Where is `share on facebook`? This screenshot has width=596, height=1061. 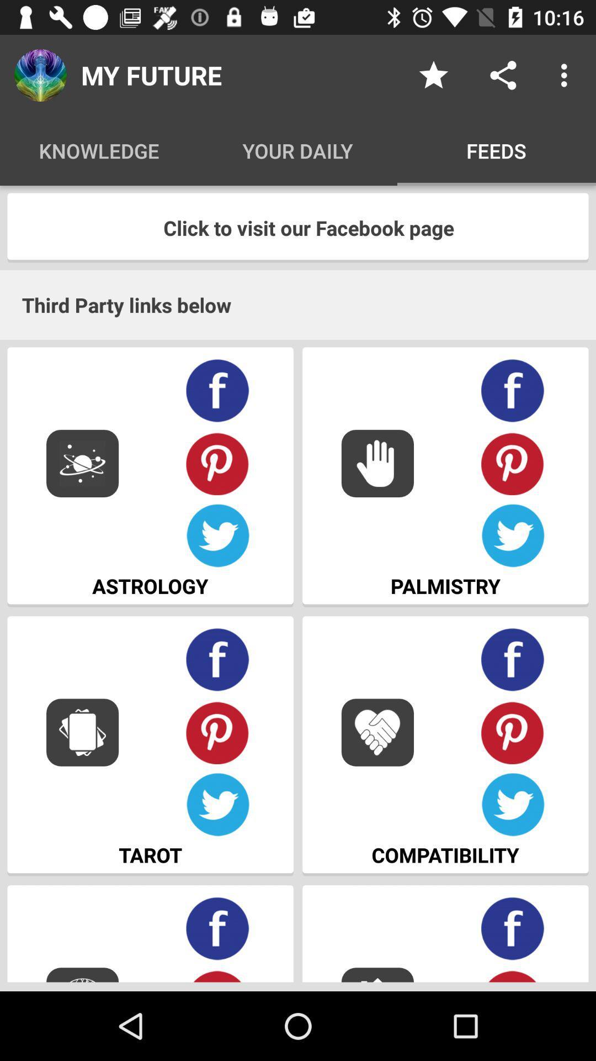
share on facebook is located at coordinates (513, 928).